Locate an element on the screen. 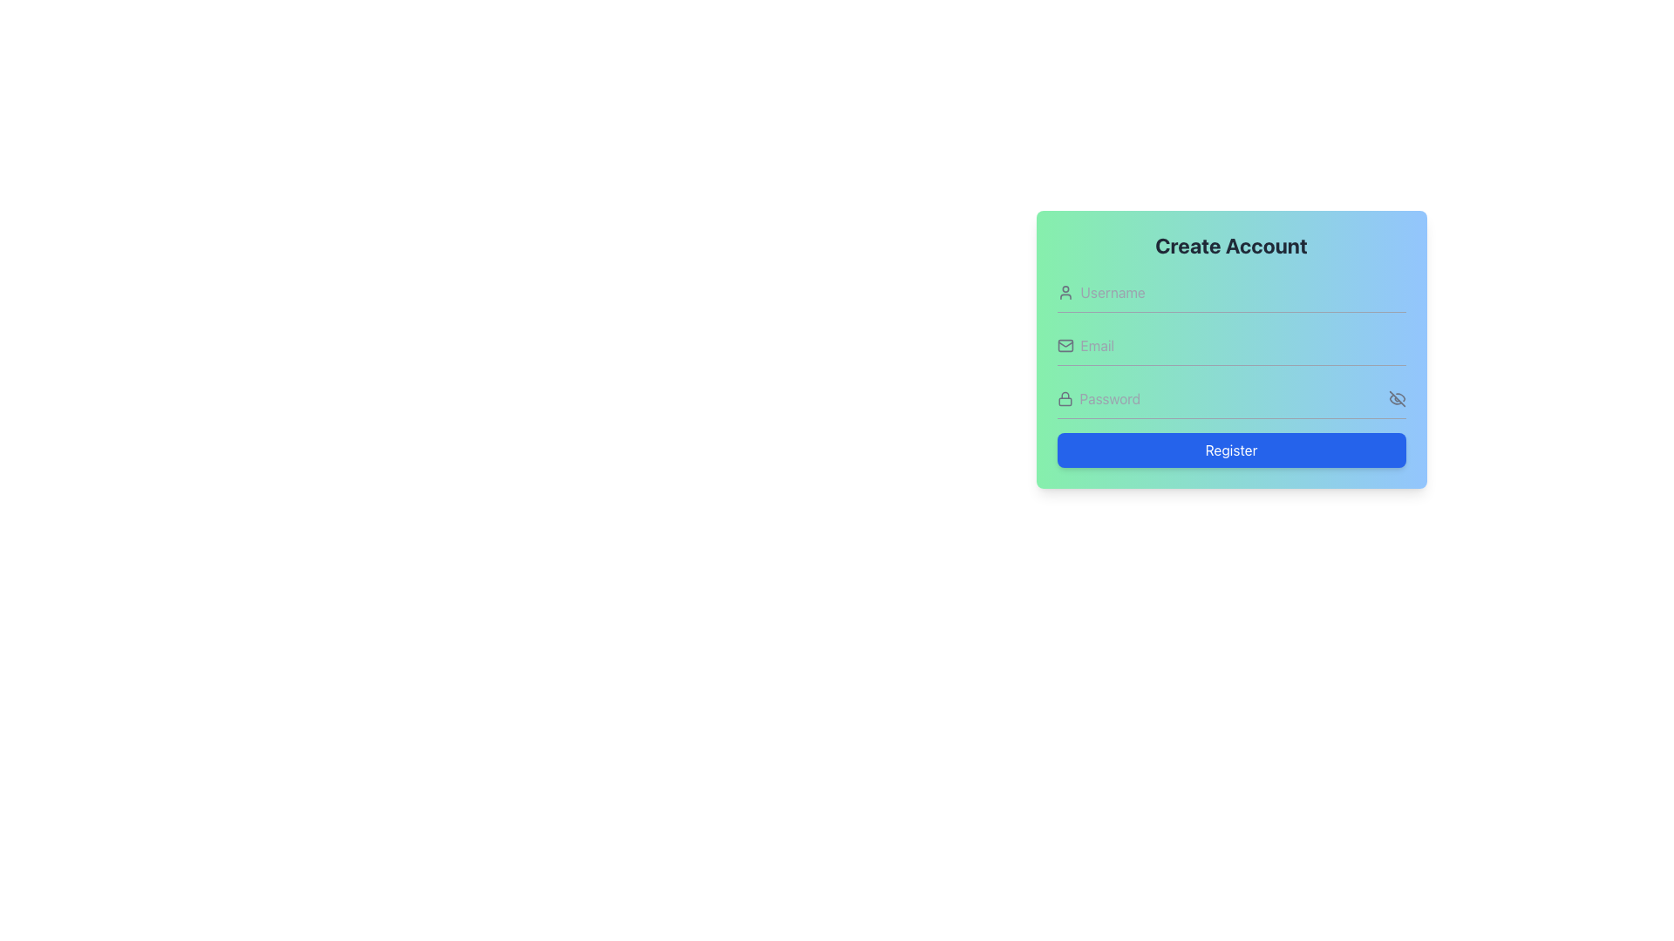  the 'Register' button, which is a rectangular button with white text on a blue background, located at the bottom of the registration form is located at coordinates (1230, 449).